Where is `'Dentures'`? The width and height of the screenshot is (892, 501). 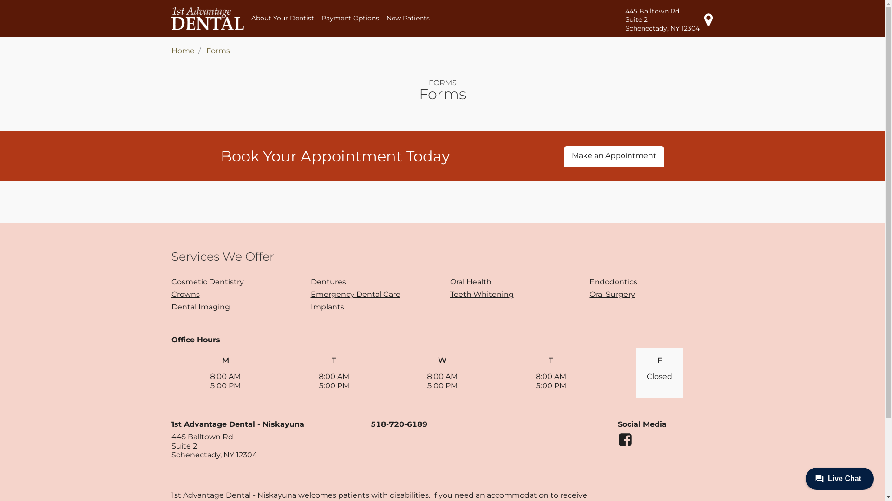 'Dentures' is located at coordinates (328, 281).